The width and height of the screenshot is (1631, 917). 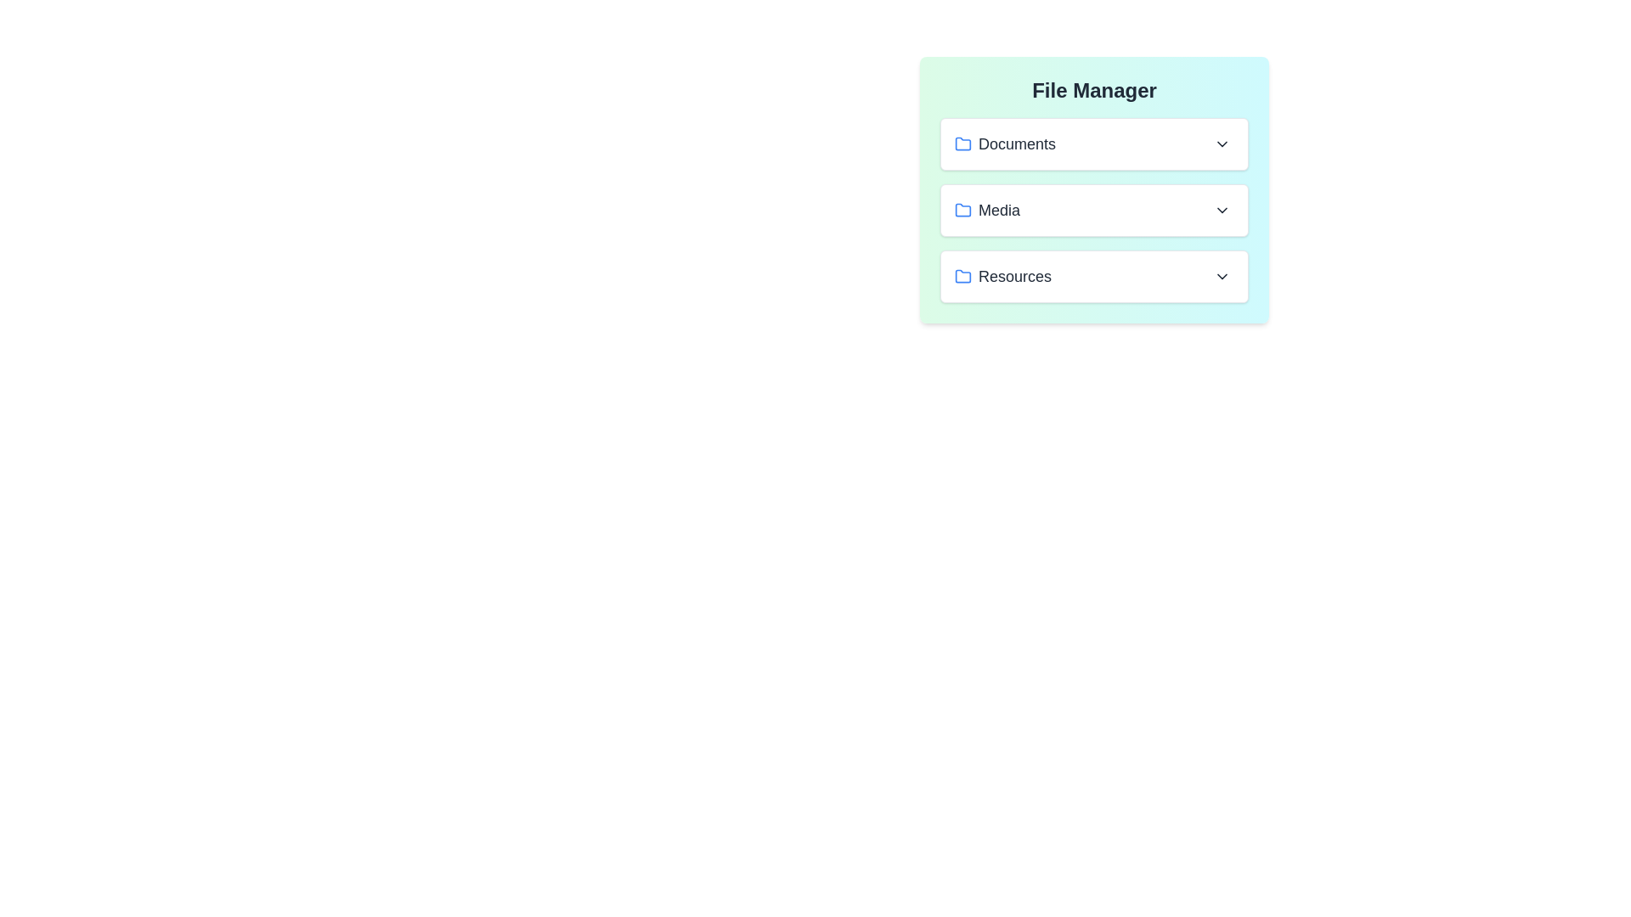 What do you see at coordinates (1094, 209) in the screenshot?
I see `the file Resume.pdf from the folder Media` at bounding box center [1094, 209].